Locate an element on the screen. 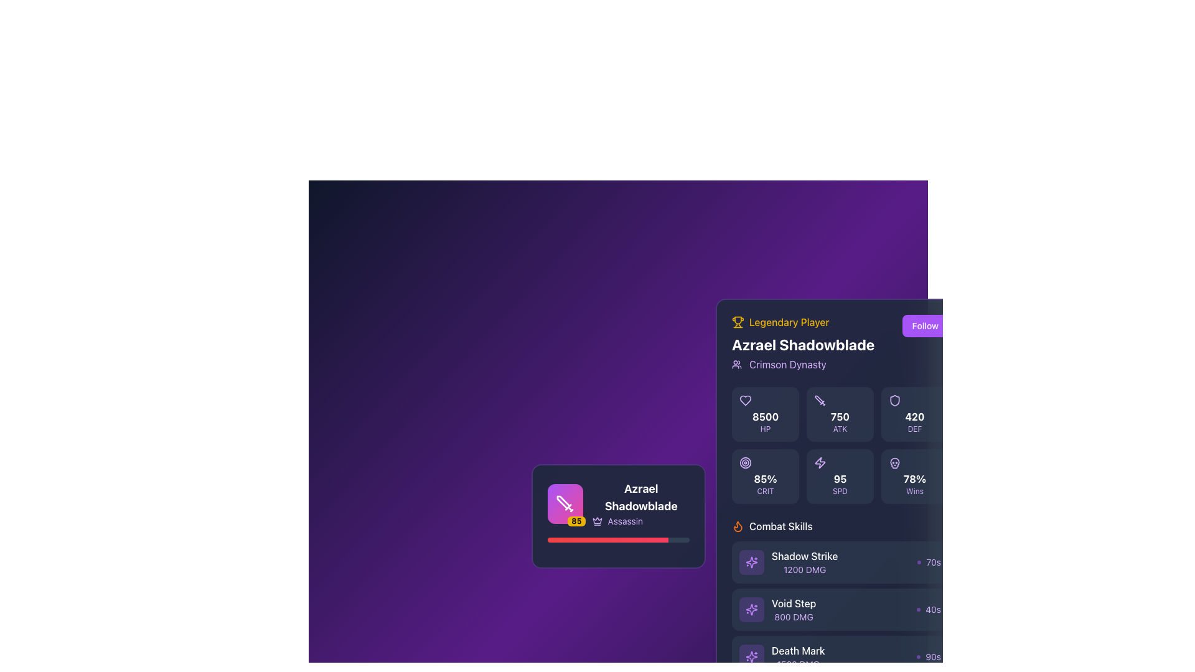 The width and height of the screenshot is (1195, 672). the small decorative golden trophy icon that signifies importance, located next to the 'Legendary Player' text is located at coordinates (738, 321).